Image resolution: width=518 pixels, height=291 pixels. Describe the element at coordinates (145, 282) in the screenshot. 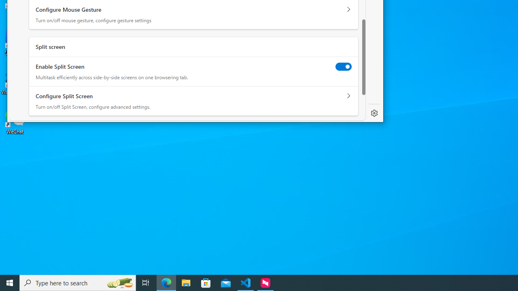

I see `'Task View'` at that location.